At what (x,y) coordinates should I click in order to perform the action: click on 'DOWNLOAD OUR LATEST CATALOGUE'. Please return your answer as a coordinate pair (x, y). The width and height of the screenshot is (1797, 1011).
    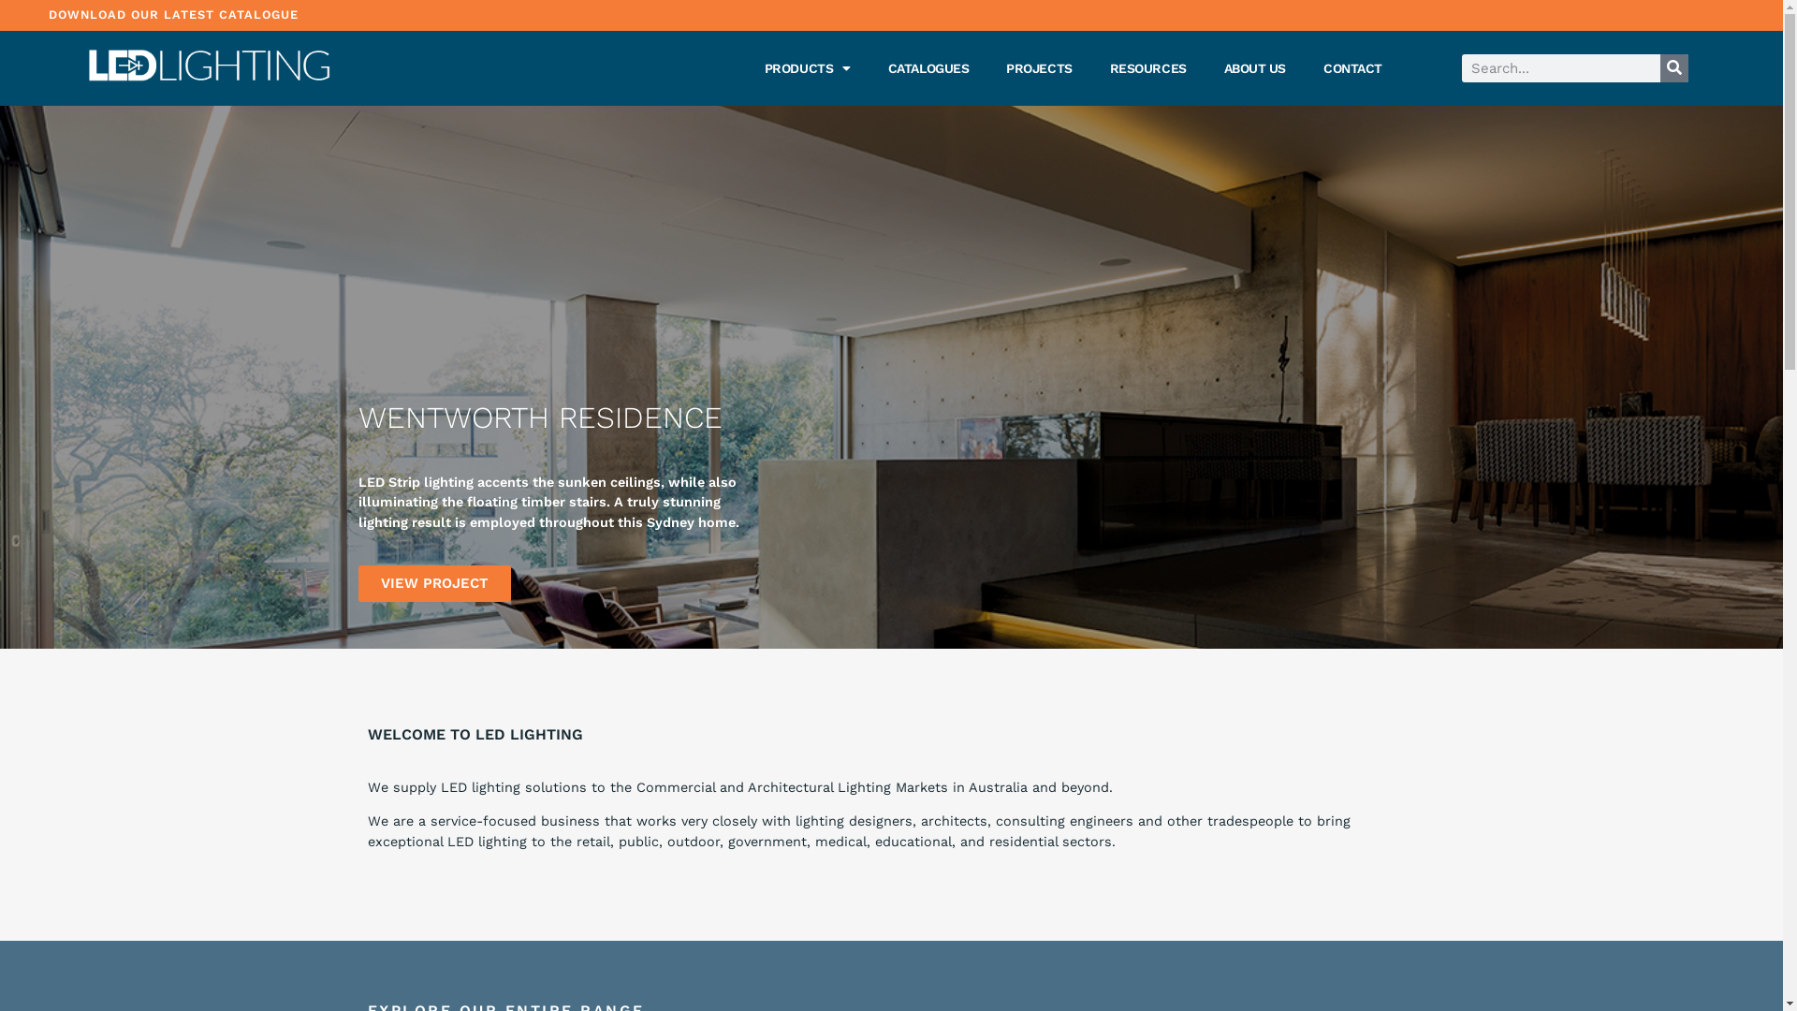
    Looking at the image, I should click on (173, 14).